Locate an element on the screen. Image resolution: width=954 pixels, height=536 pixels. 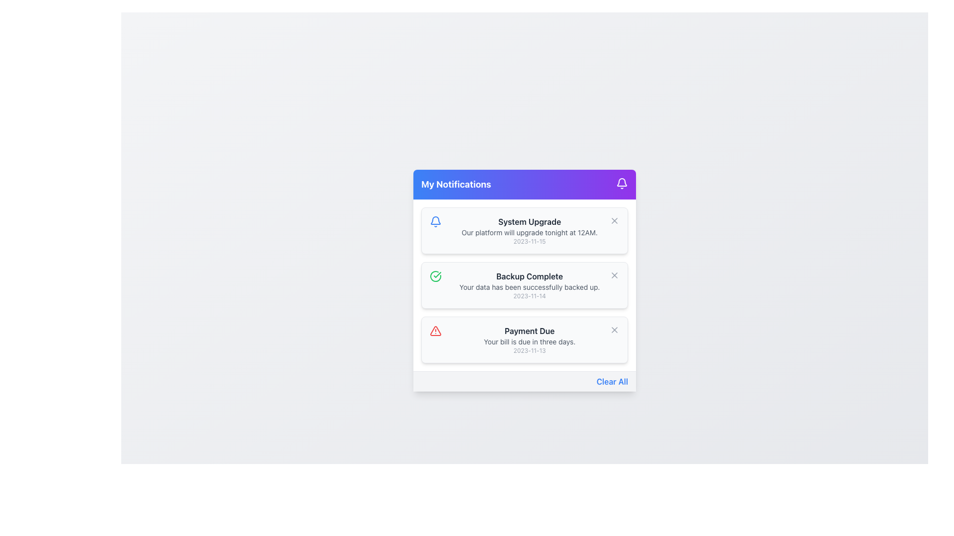
the static text element that serves as a heading for a notification about a payment due, located at the top of the notification card is located at coordinates (529, 331).